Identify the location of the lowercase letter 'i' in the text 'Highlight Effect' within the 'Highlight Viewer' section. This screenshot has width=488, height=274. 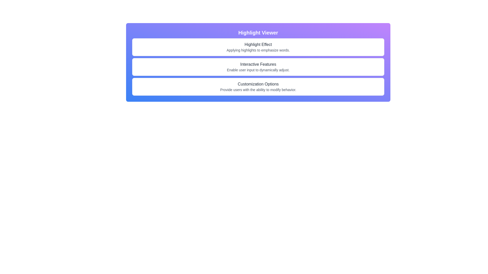
(254, 44).